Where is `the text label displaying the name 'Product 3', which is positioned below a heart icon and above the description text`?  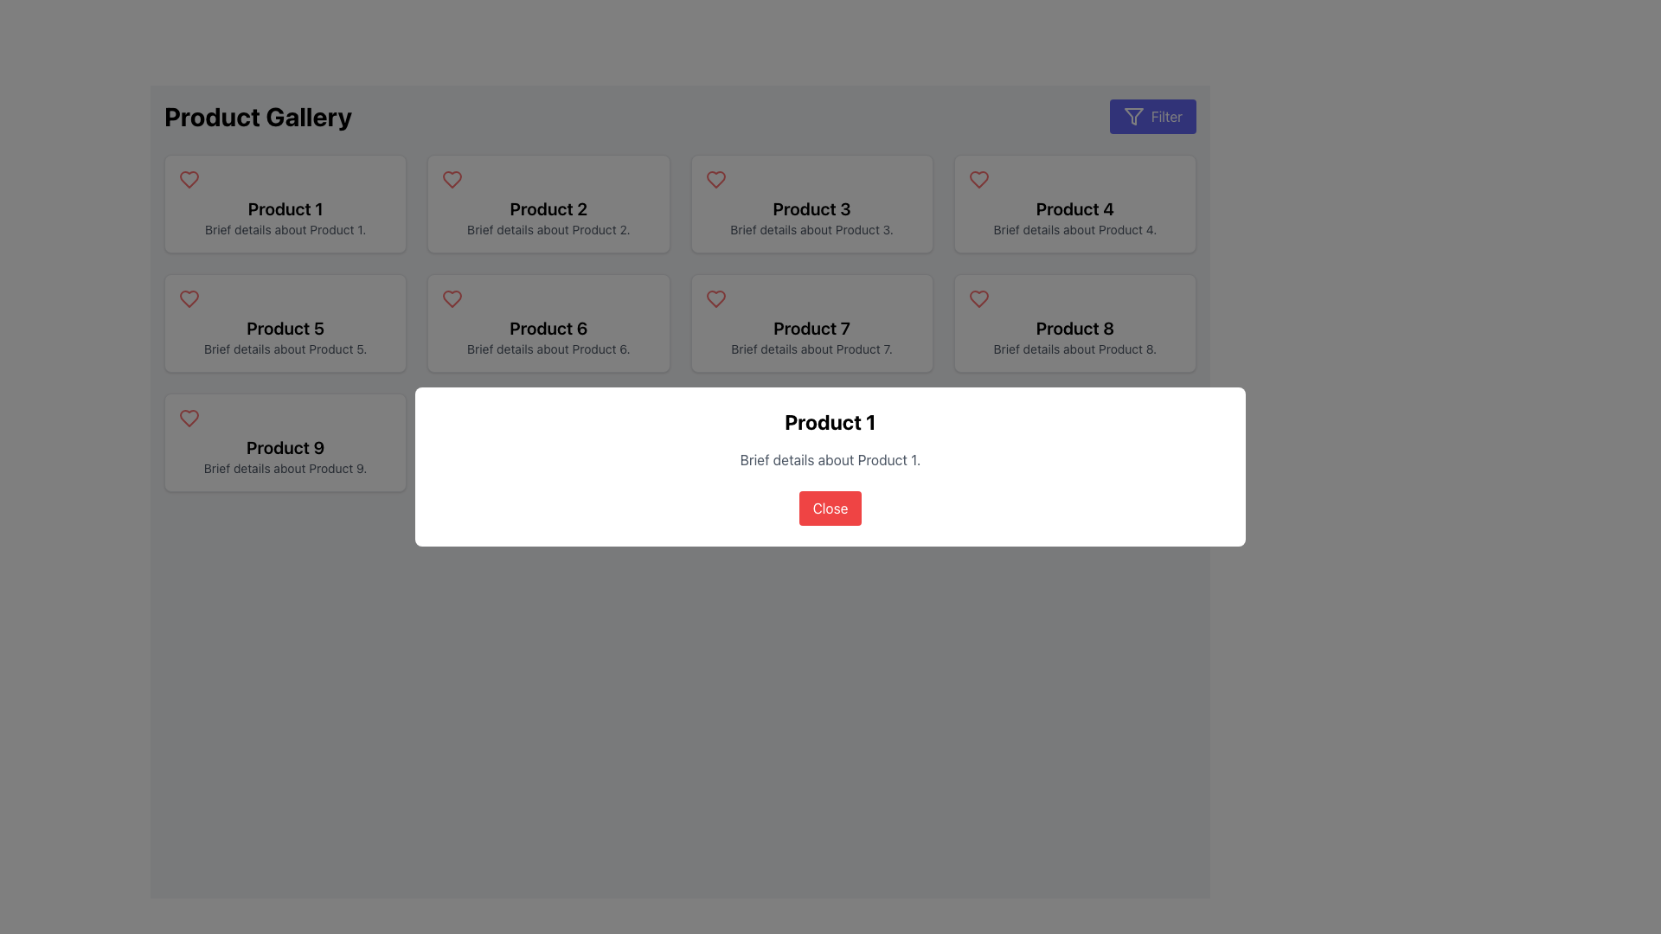 the text label displaying the name 'Product 3', which is positioned below a heart icon and above the description text is located at coordinates (811, 208).